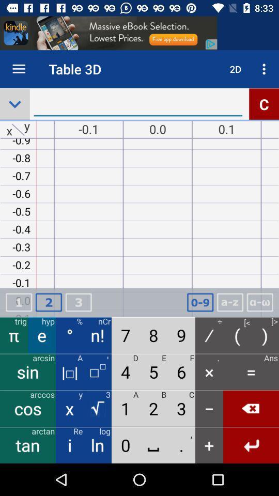 The width and height of the screenshot is (279, 496). What do you see at coordinates (264, 104) in the screenshot?
I see `the alphabet c` at bounding box center [264, 104].